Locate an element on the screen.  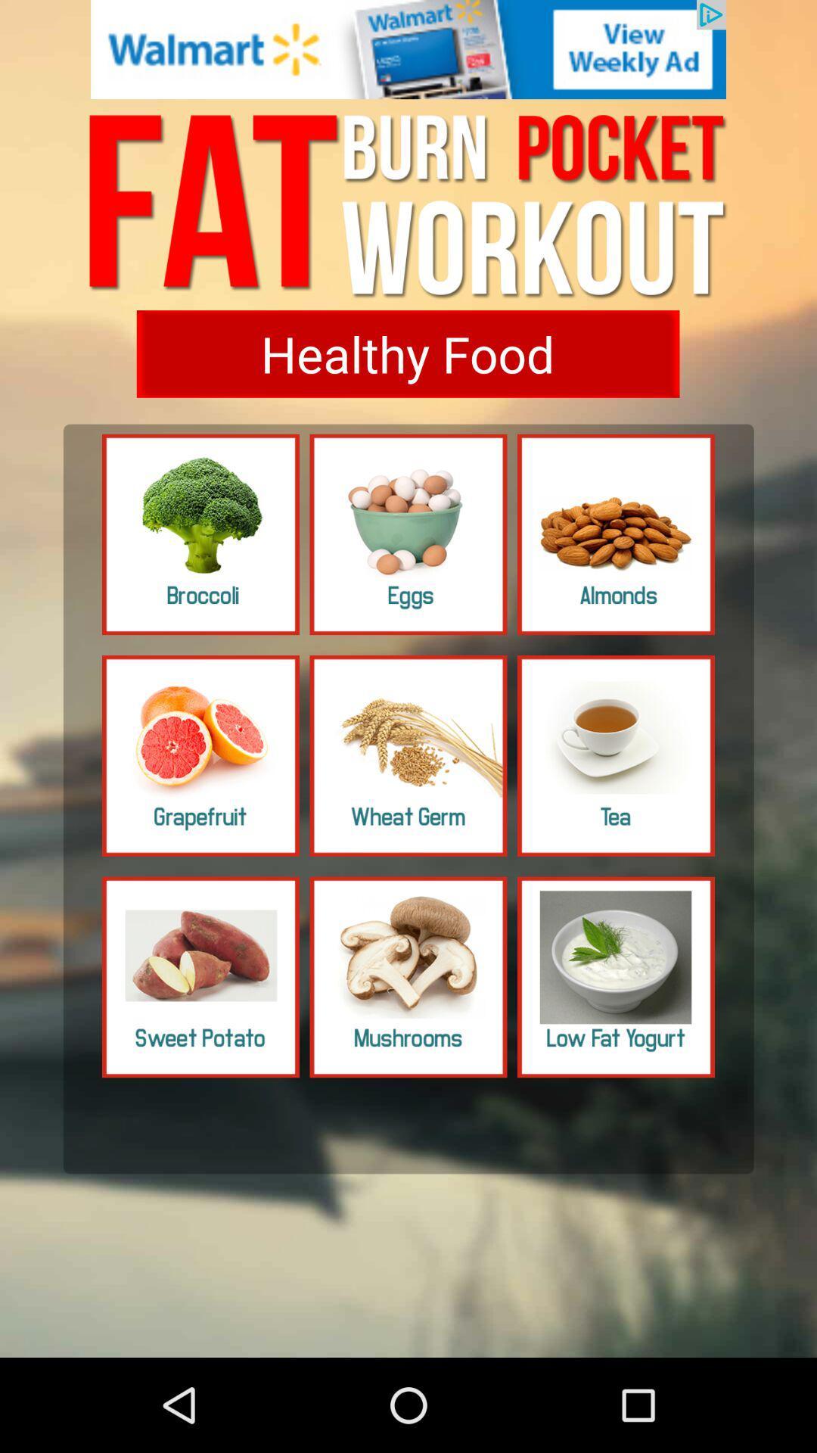
the image having the text mushrooms is located at coordinates (408, 977).